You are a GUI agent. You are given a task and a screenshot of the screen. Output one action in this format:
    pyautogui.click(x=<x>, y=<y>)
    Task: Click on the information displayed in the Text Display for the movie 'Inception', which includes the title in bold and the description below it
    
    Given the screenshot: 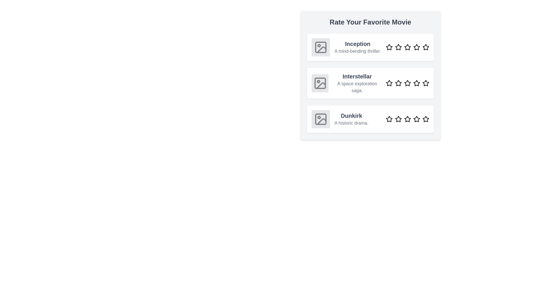 What is the action you would take?
    pyautogui.click(x=357, y=47)
    